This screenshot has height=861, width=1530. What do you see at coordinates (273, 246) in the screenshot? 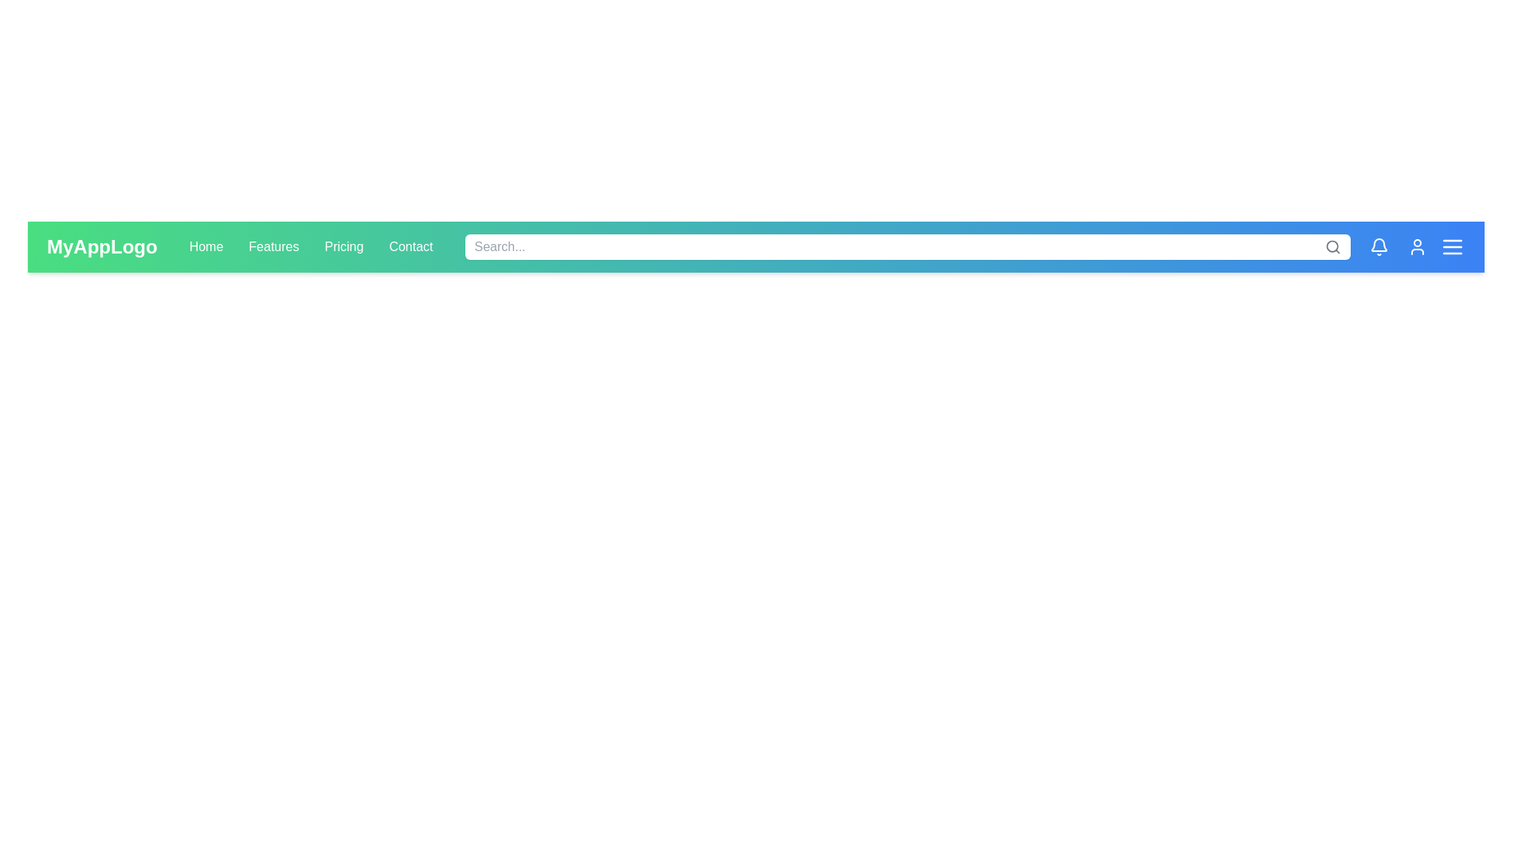
I see `the 'Features' hyperlink, which is the second item in the horizontal navigation bar, to navigate to the Features section` at bounding box center [273, 246].